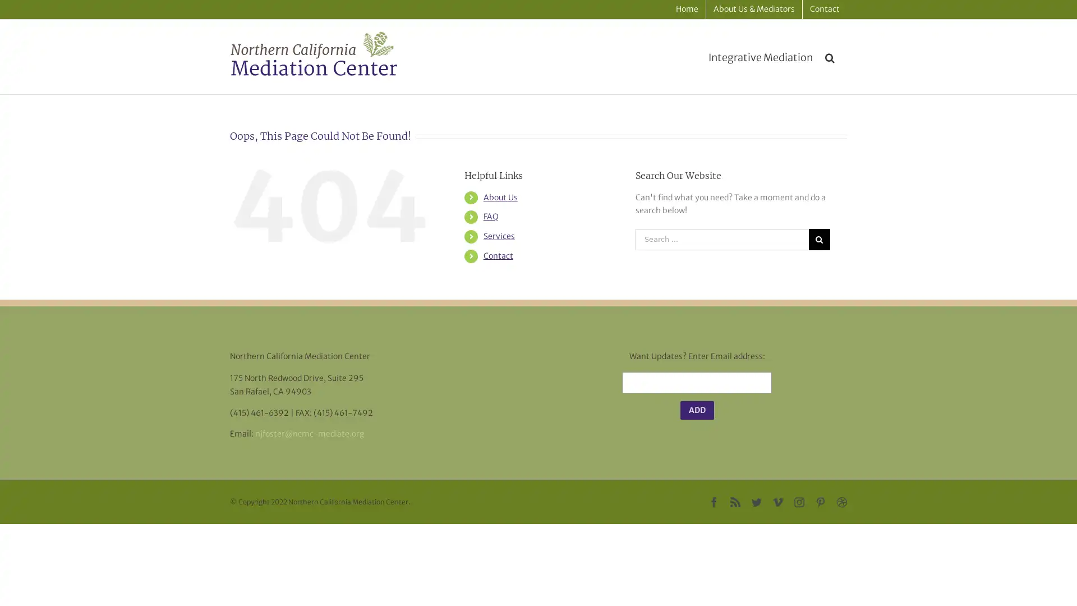  Describe the element at coordinates (696, 410) in the screenshot. I see `Add` at that location.